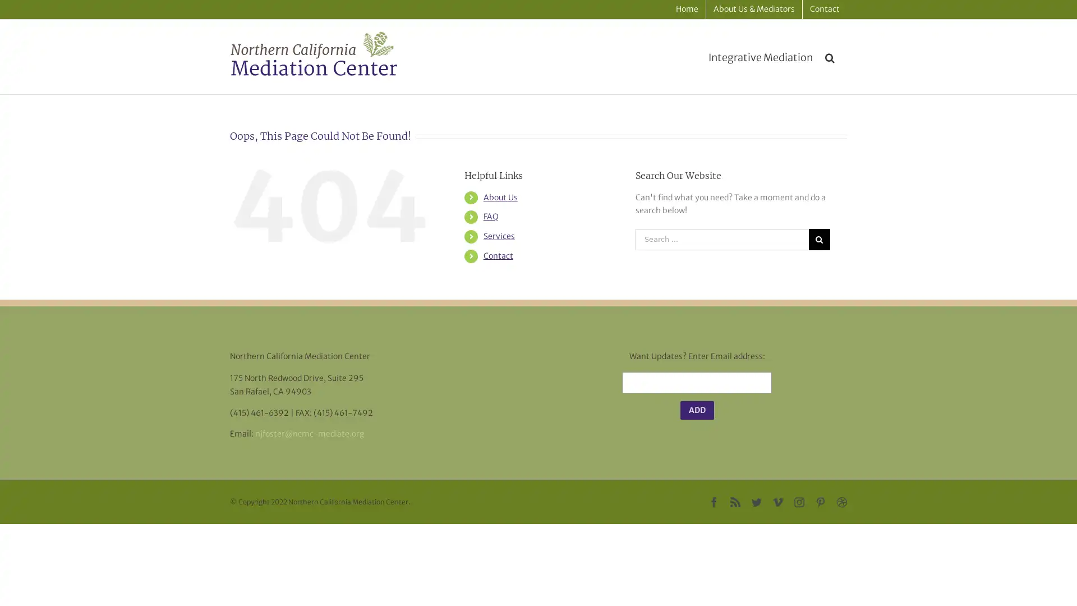  Describe the element at coordinates (696, 410) in the screenshot. I see `Add` at that location.